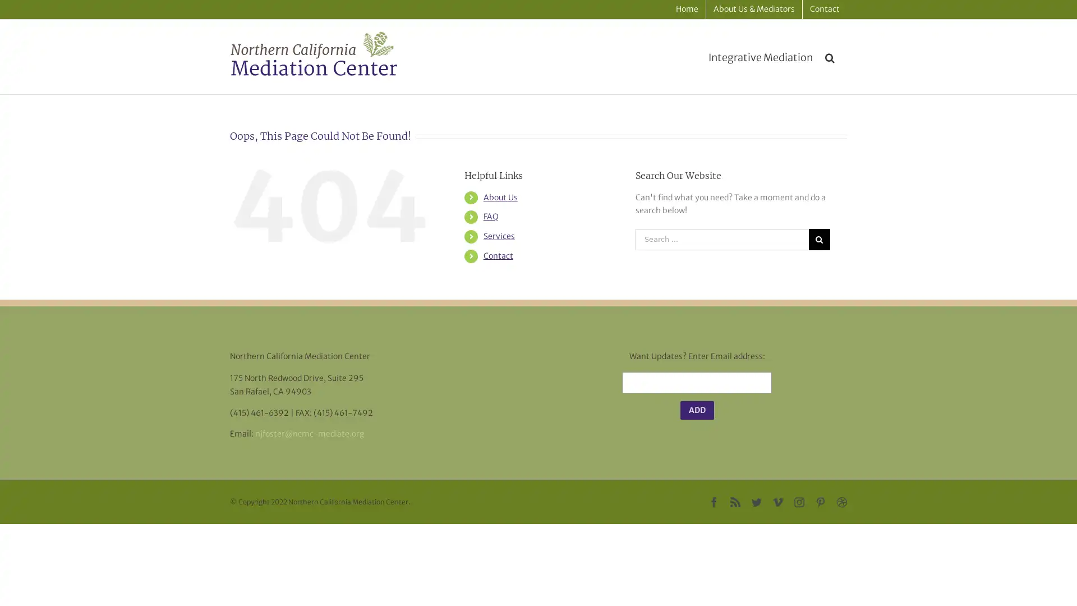  Describe the element at coordinates (696, 410) in the screenshot. I see `Add` at that location.